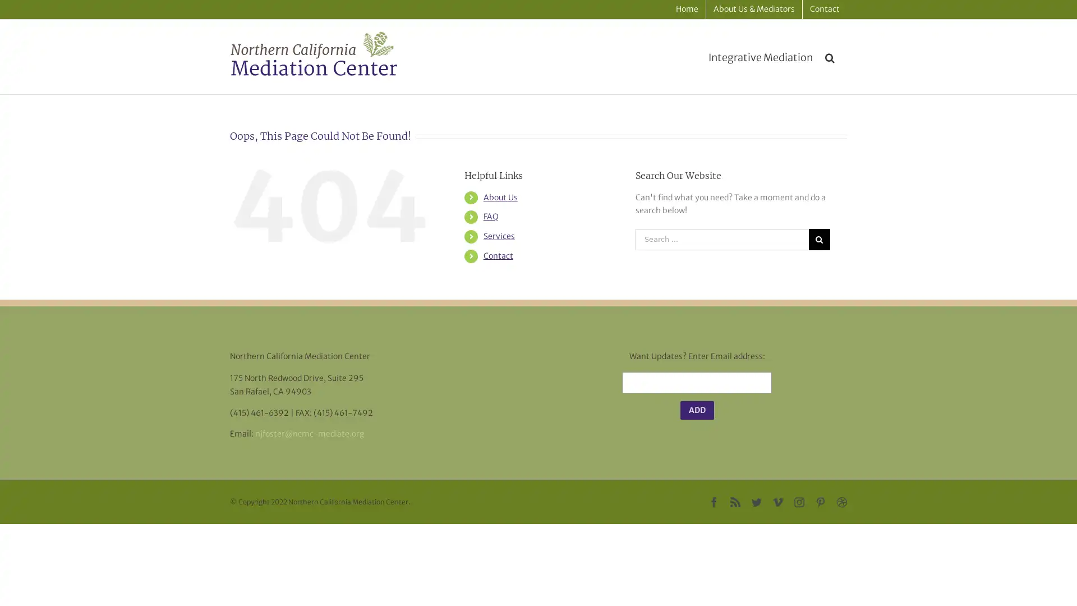  Describe the element at coordinates (696, 410) in the screenshot. I see `Add` at that location.